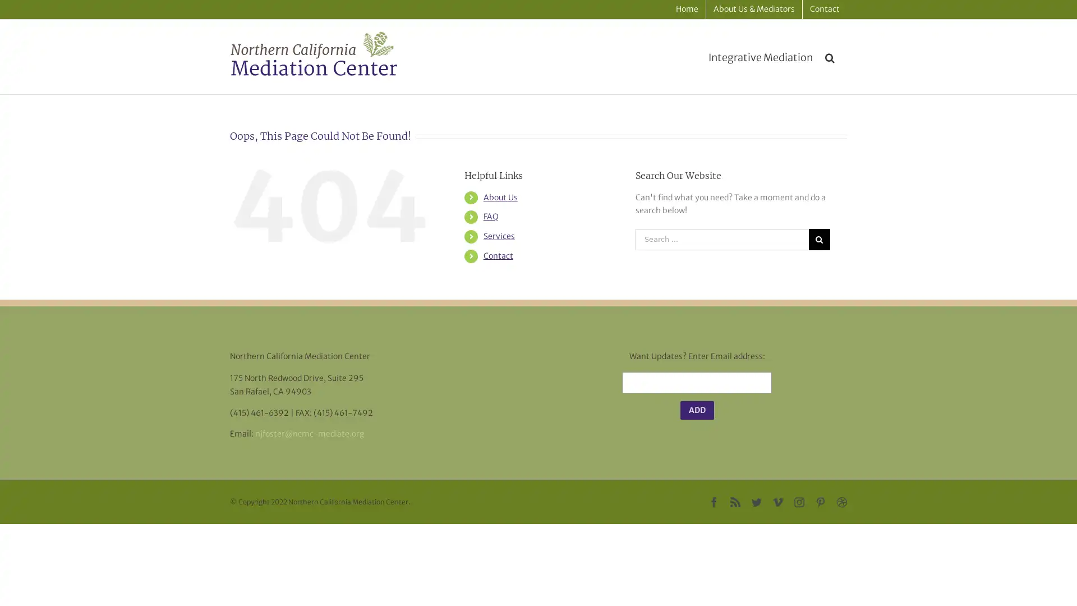  Describe the element at coordinates (696, 410) in the screenshot. I see `Add` at that location.